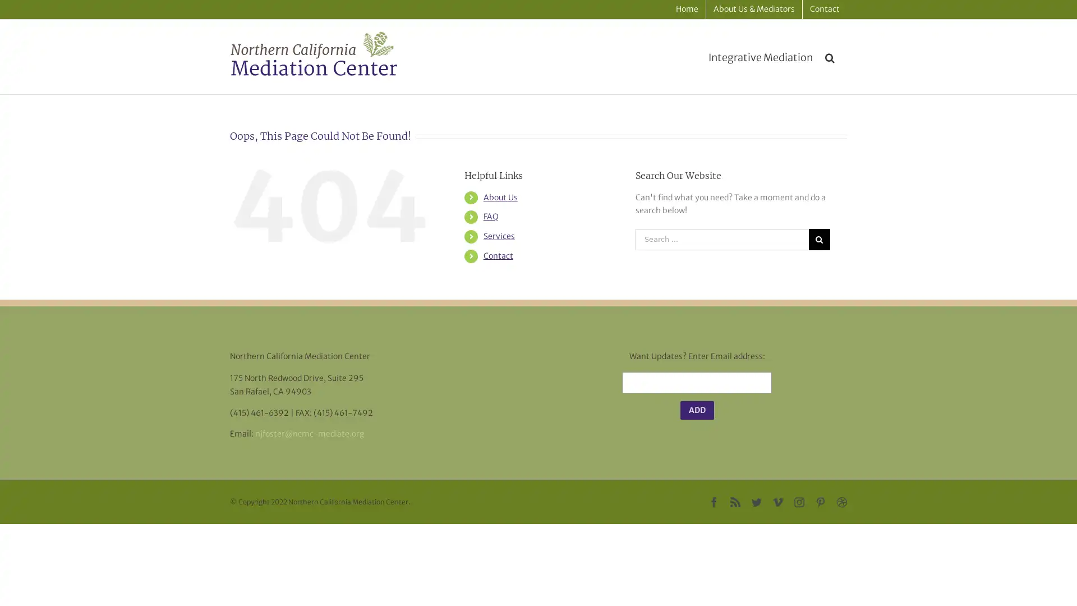  Describe the element at coordinates (696, 410) in the screenshot. I see `Add` at that location.